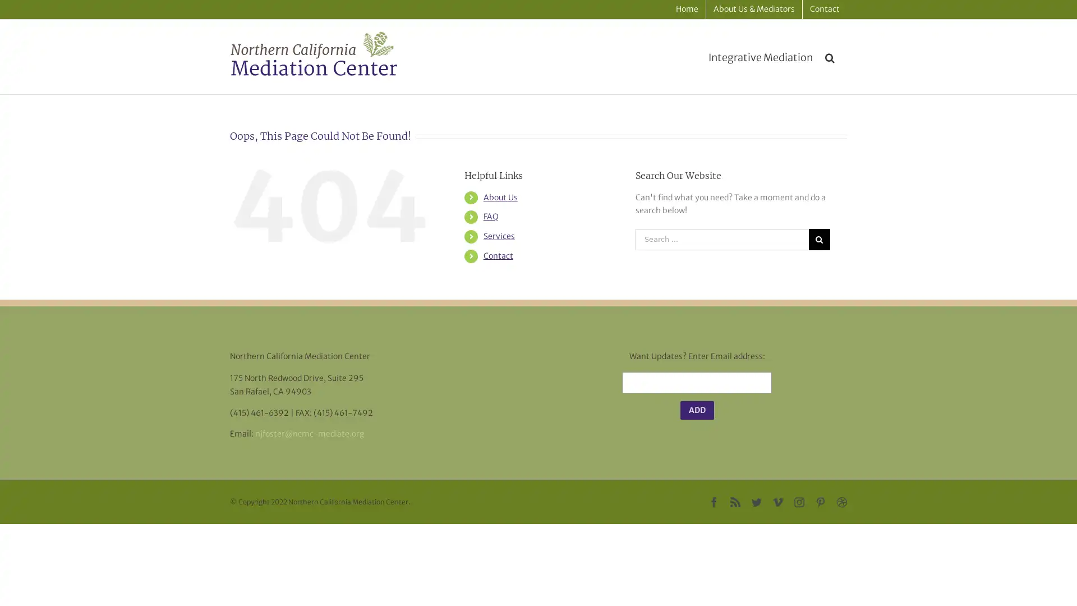  Describe the element at coordinates (696, 410) in the screenshot. I see `Add` at that location.